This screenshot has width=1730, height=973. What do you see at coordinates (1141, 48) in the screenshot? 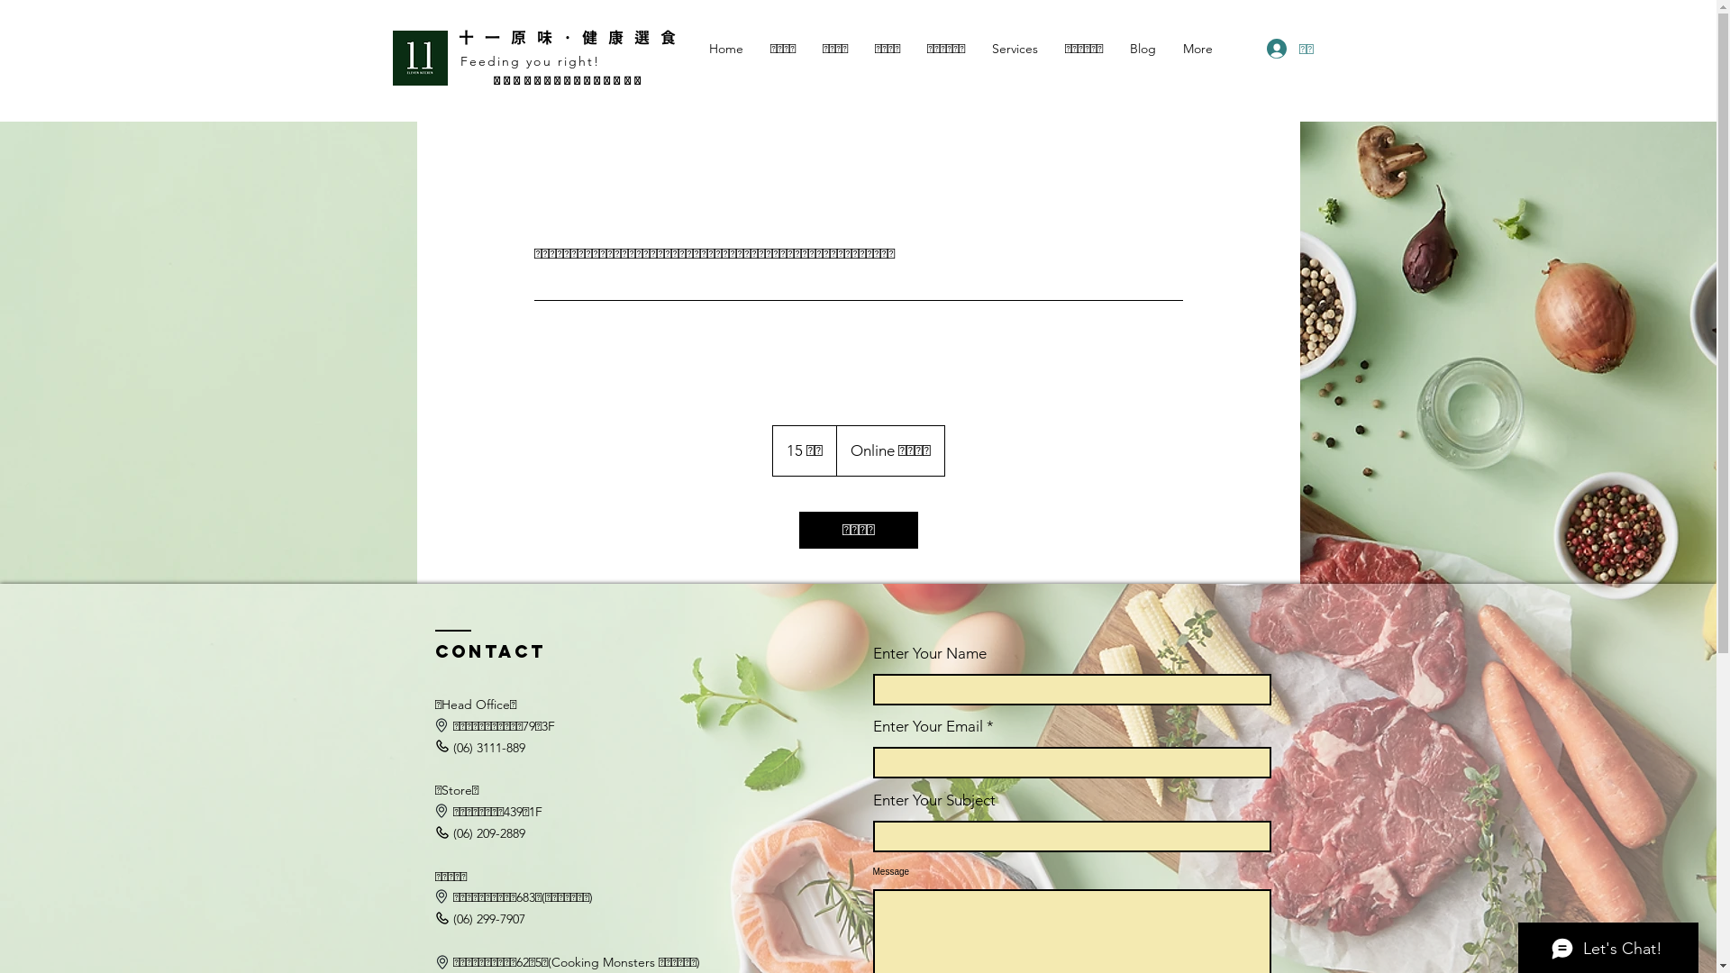
I see `'Blog'` at bounding box center [1141, 48].